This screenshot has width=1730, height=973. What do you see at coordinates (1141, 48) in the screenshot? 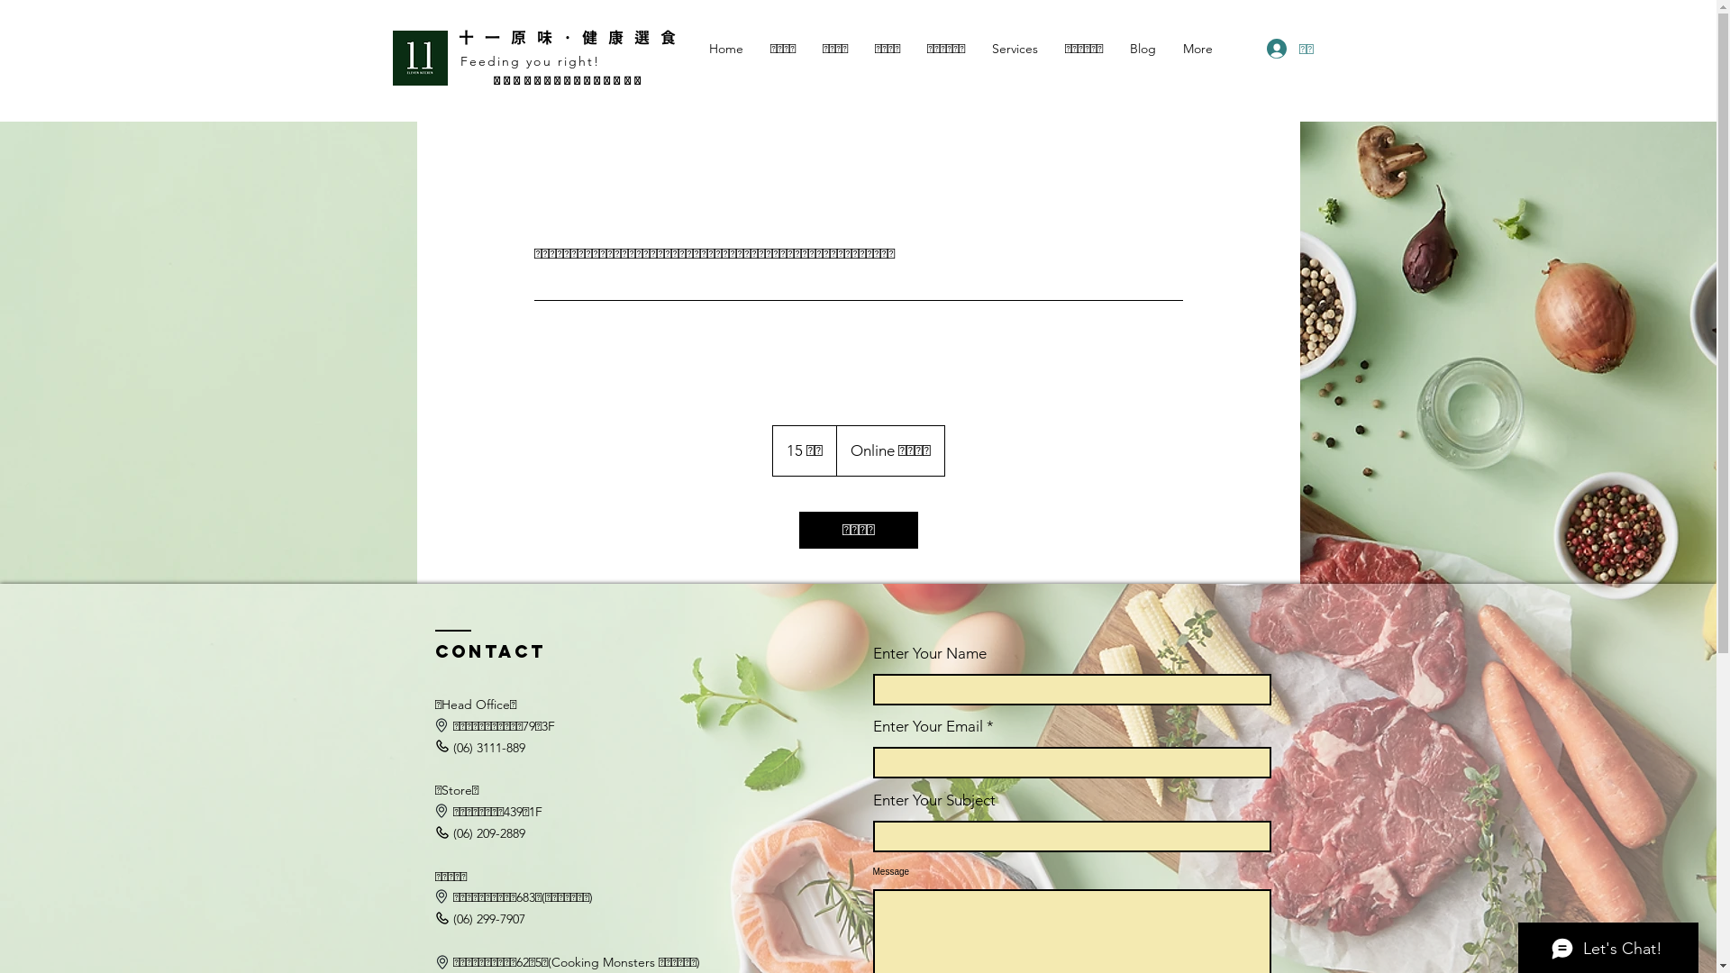
I see `'Blog'` at bounding box center [1141, 48].